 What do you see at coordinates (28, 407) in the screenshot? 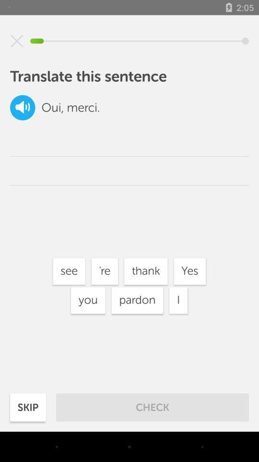
I see `the icon next to the check item` at bounding box center [28, 407].